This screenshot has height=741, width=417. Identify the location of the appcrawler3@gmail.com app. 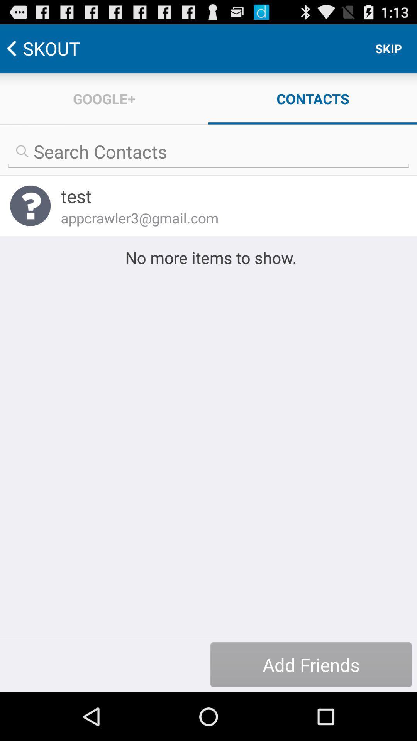
(228, 217).